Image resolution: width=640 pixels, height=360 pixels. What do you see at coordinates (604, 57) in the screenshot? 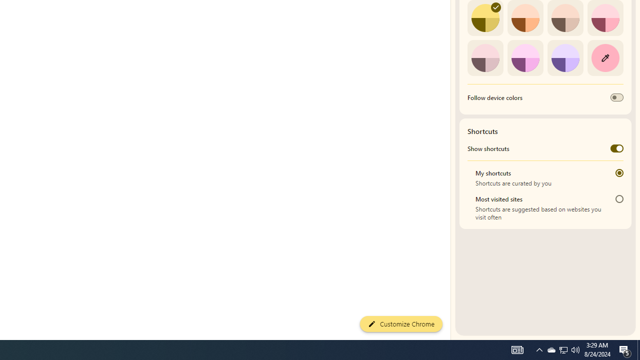
I see `'Custom color'` at bounding box center [604, 57].